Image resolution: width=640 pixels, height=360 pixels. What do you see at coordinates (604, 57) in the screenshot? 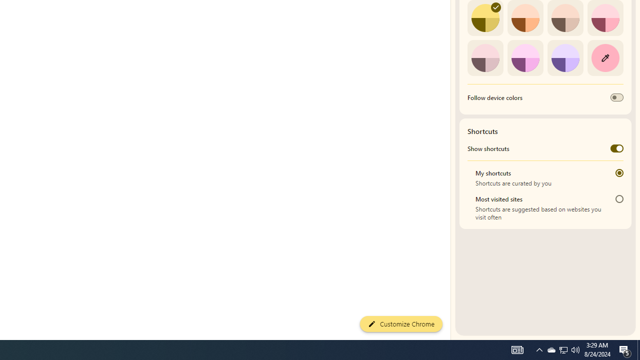
I see `'Custom color'` at bounding box center [604, 57].